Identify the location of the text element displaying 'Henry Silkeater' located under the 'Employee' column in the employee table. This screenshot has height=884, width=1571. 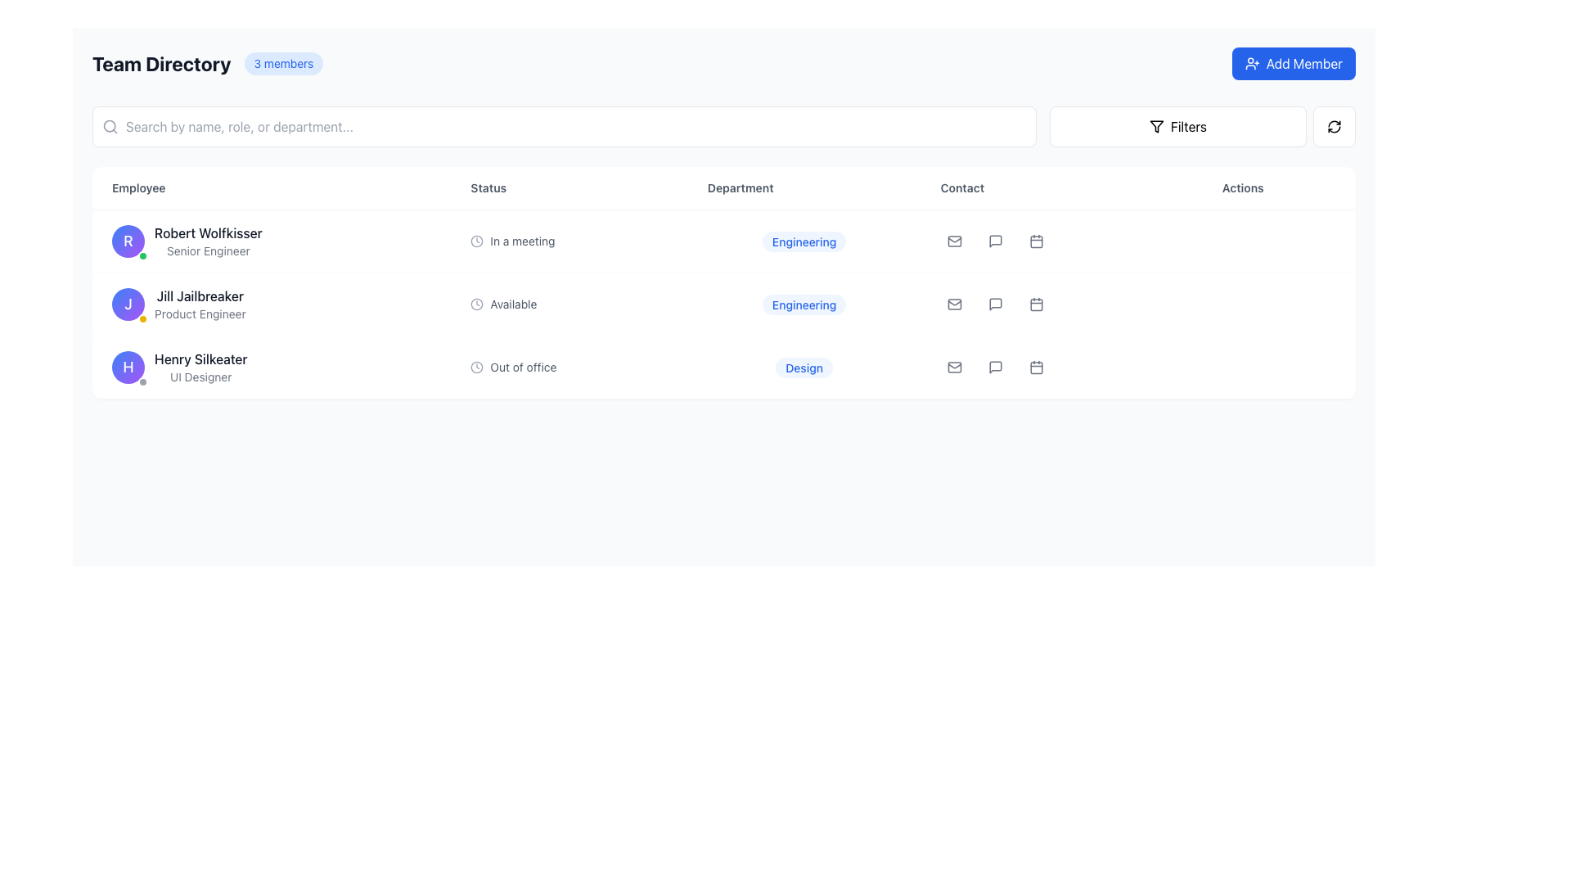
(200, 359).